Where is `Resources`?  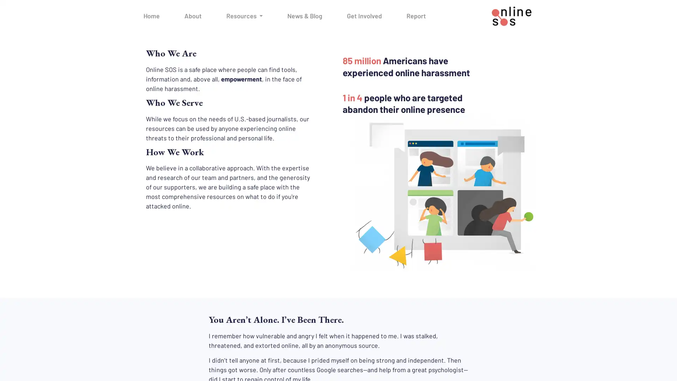
Resources is located at coordinates (244, 16).